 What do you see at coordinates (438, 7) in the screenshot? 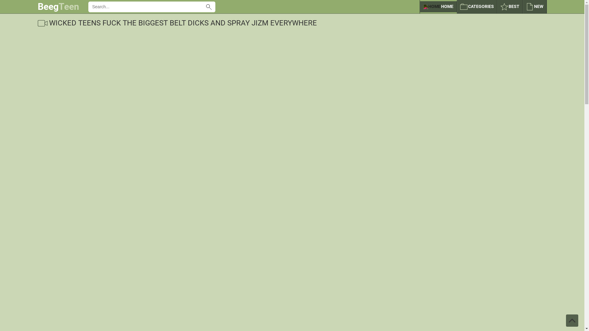
I see `'HOME'` at bounding box center [438, 7].